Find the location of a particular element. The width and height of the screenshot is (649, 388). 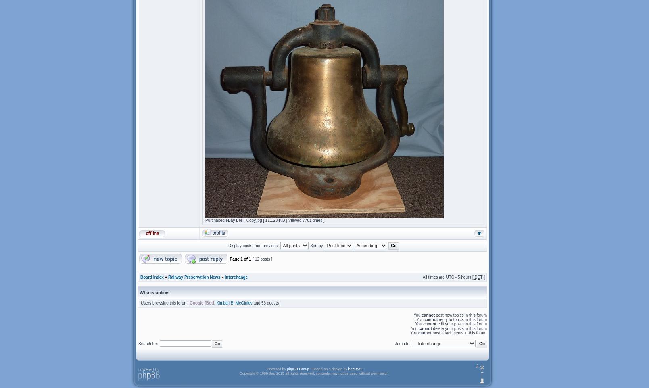

'edit your posts in this forum' is located at coordinates (461, 323).